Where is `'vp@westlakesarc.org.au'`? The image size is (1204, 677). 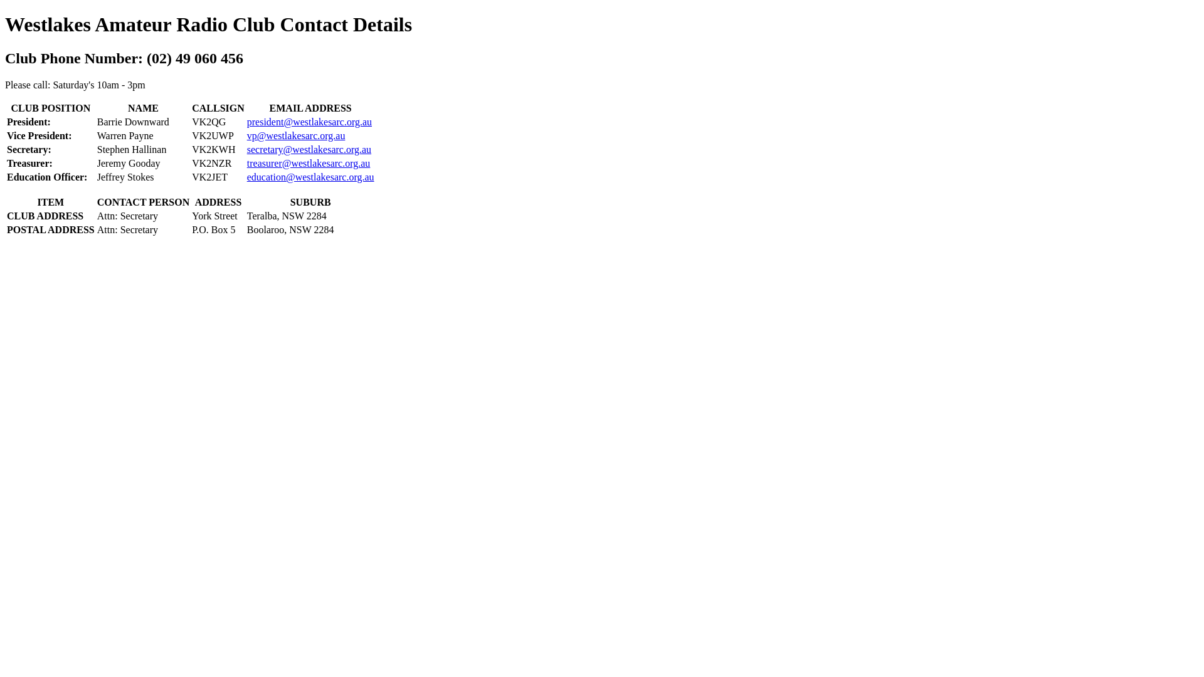 'vp@westlakesarc.org.au' is located at coordinates (295, 135).